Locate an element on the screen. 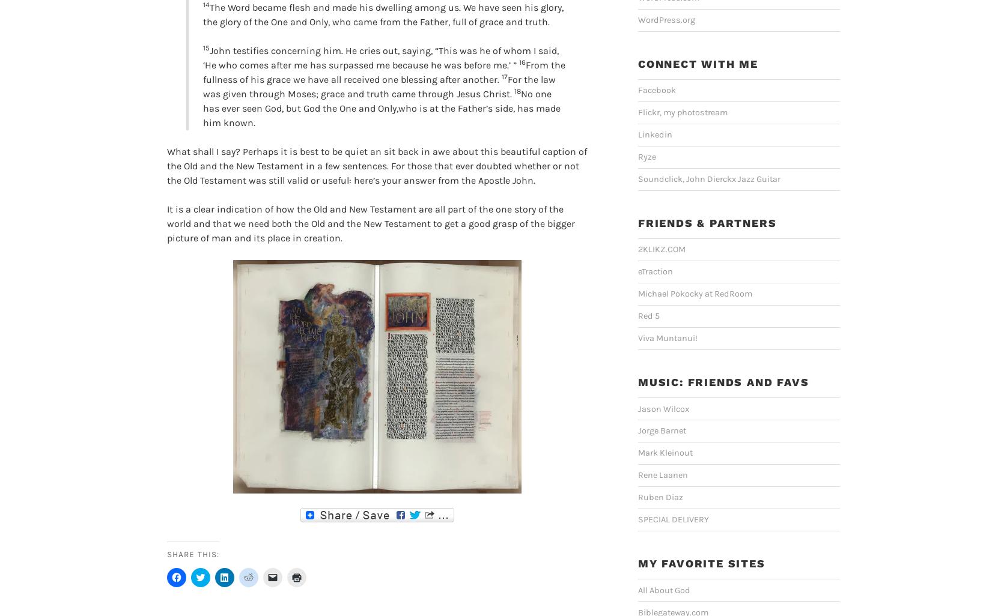  'Share this:' is located at coordinates (166, 554).